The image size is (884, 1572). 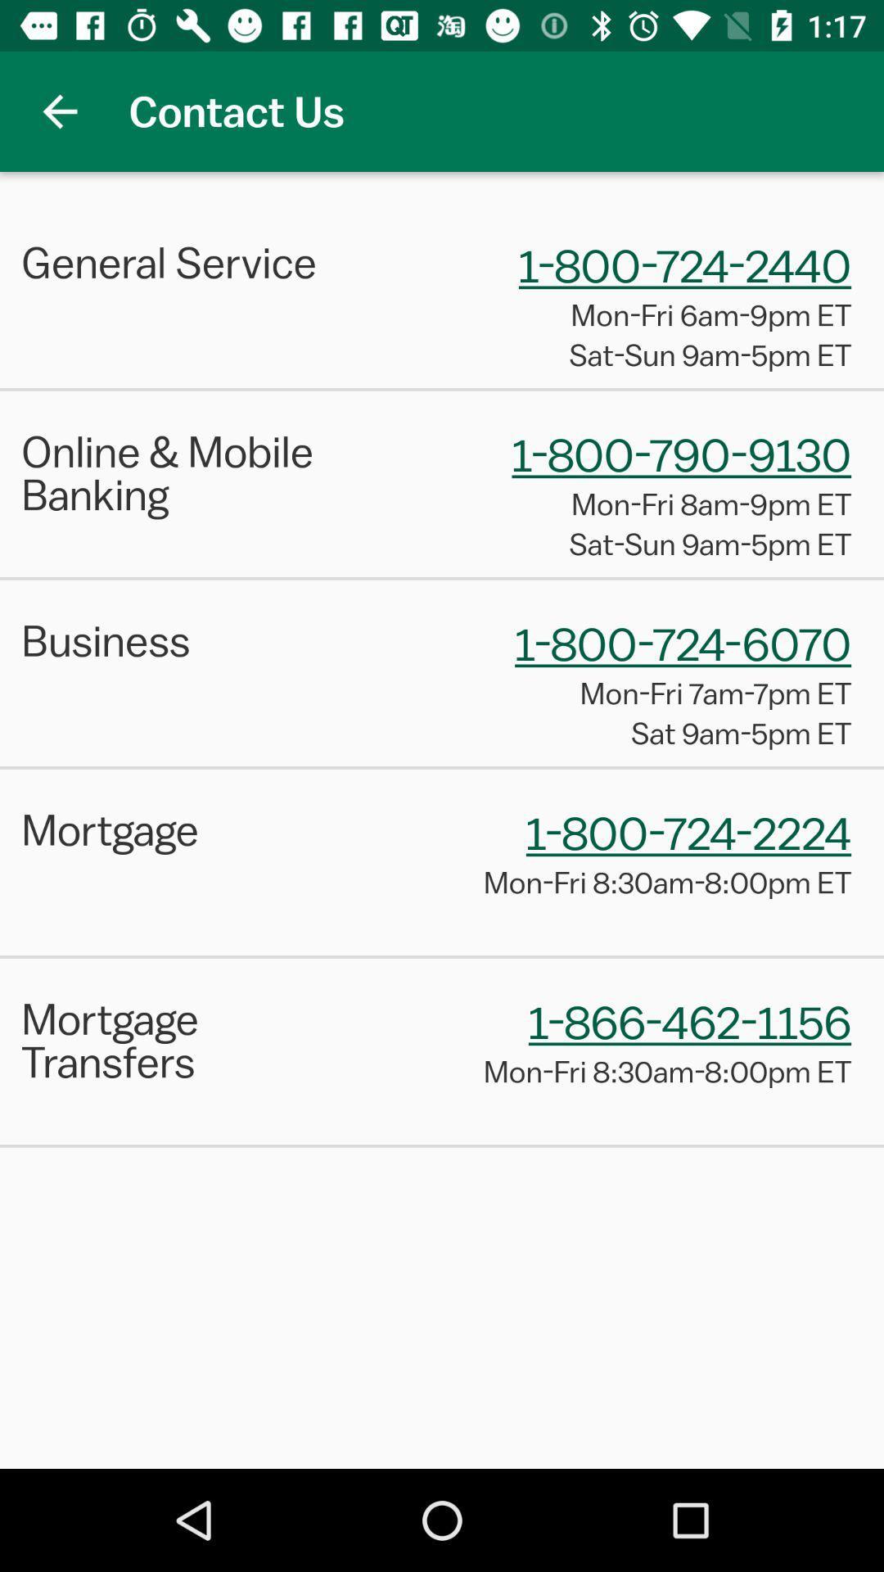 I want to click on the item above mortgage, so click(x=442, y=766).